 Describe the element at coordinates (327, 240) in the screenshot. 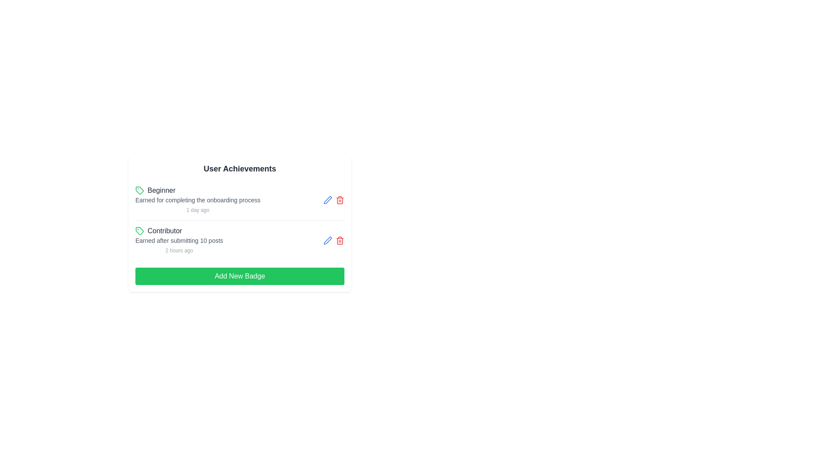

I see `the pen icon located at the far-right of the 'Beginner' badge row` at that location.